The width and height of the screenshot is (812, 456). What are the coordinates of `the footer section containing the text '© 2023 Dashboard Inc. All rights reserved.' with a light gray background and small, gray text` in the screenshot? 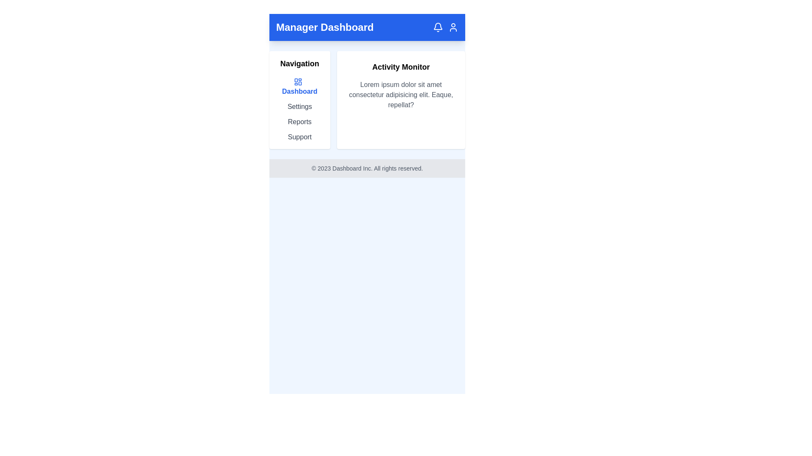 It's located at (367, 168).